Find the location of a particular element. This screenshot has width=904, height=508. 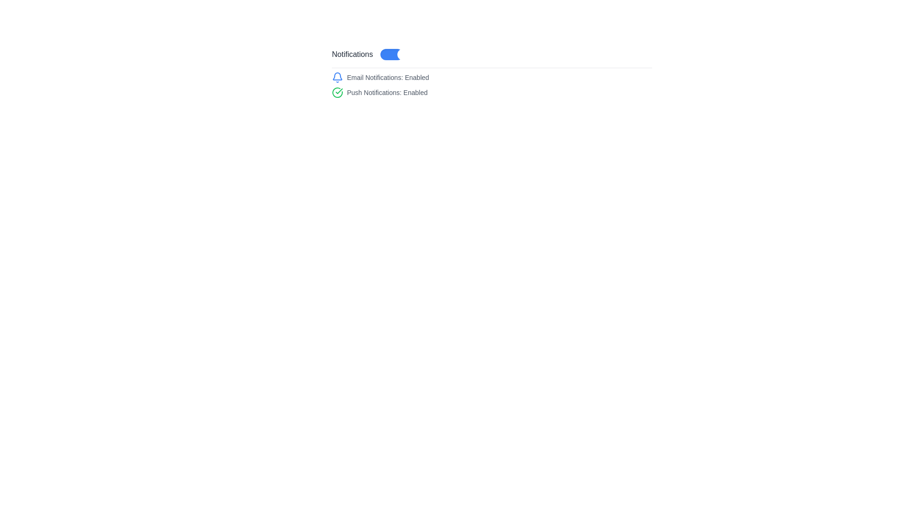

the text label that displays 'Email Notifications: Enabled', which is styled in small gray font and located immediately to the right of a blue bell icon is located at coordinates (388, 77).